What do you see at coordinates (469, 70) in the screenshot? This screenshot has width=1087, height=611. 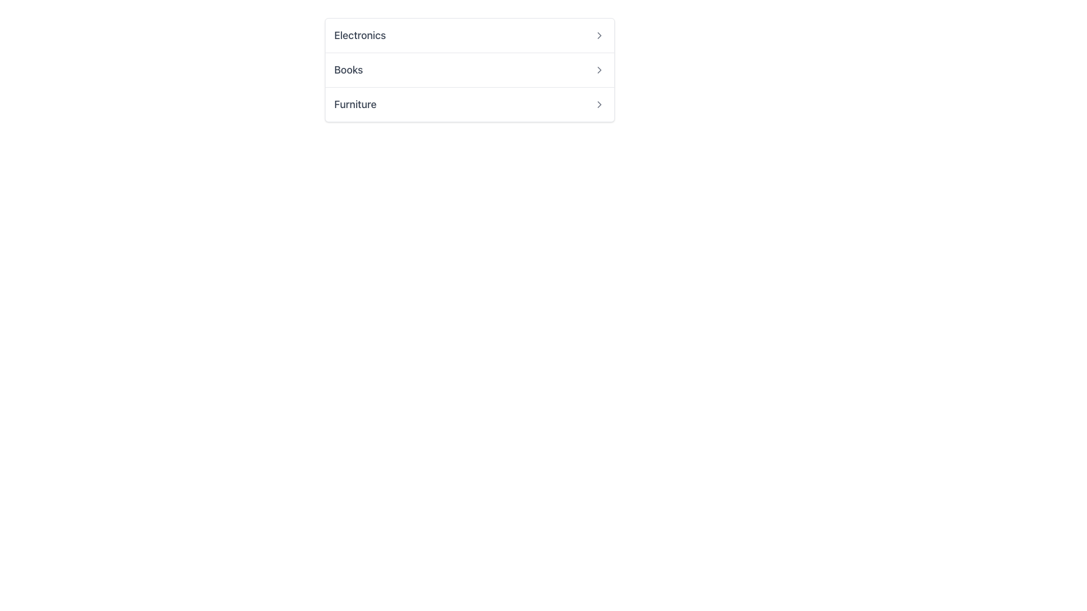 I see `the 'Books' category selection option, which is the second item` at bounding box center [469, 70].